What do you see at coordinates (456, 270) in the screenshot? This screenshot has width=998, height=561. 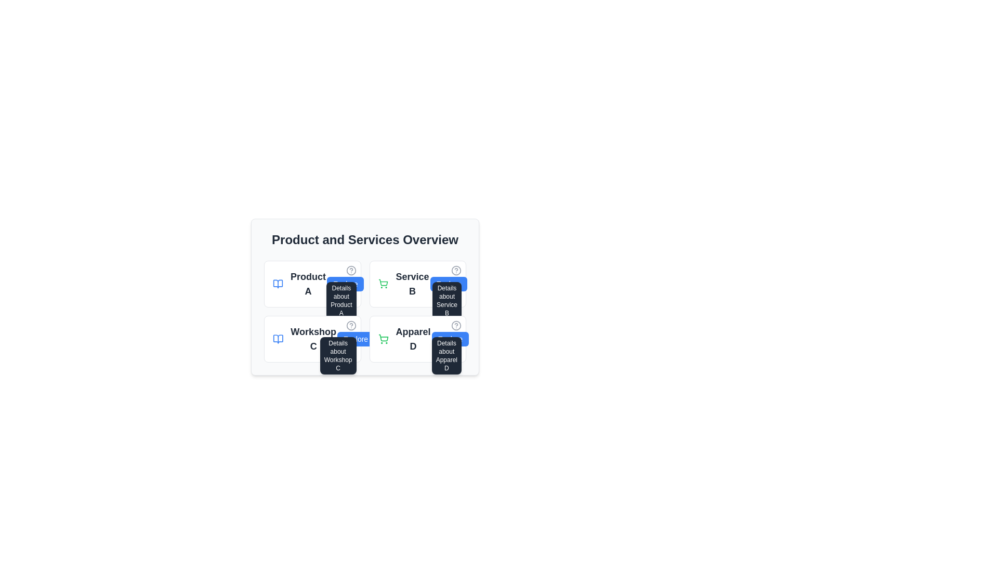 I see `the SVG Circle element with a diameter of 20 pixels, located adjacent to the 'Service B' label in the second column of the layout` at bounding box center [456, 270].